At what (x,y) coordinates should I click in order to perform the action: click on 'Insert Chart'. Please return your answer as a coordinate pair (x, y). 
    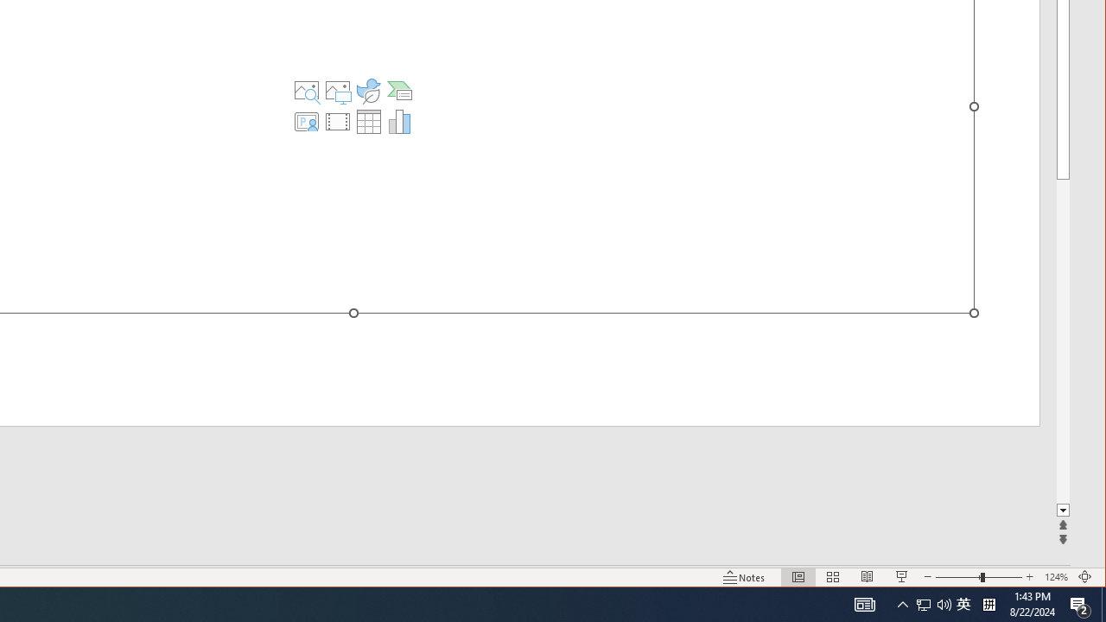
    Looking at the image, I should click on (398, 121).